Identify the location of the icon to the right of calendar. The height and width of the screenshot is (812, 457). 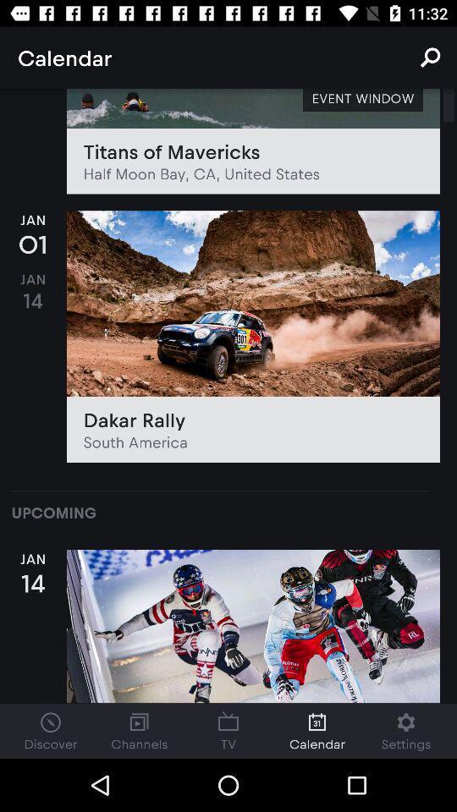
(430, 58).